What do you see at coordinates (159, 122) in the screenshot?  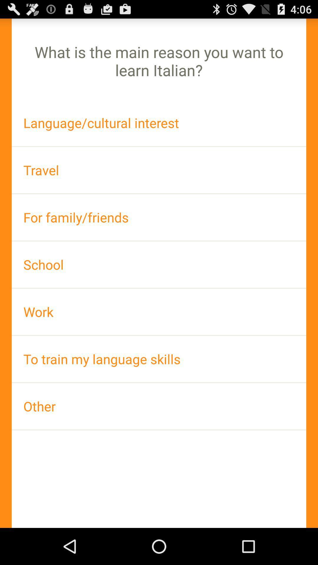 I see `icon above the travel icon` at bounding box center [159, 122].